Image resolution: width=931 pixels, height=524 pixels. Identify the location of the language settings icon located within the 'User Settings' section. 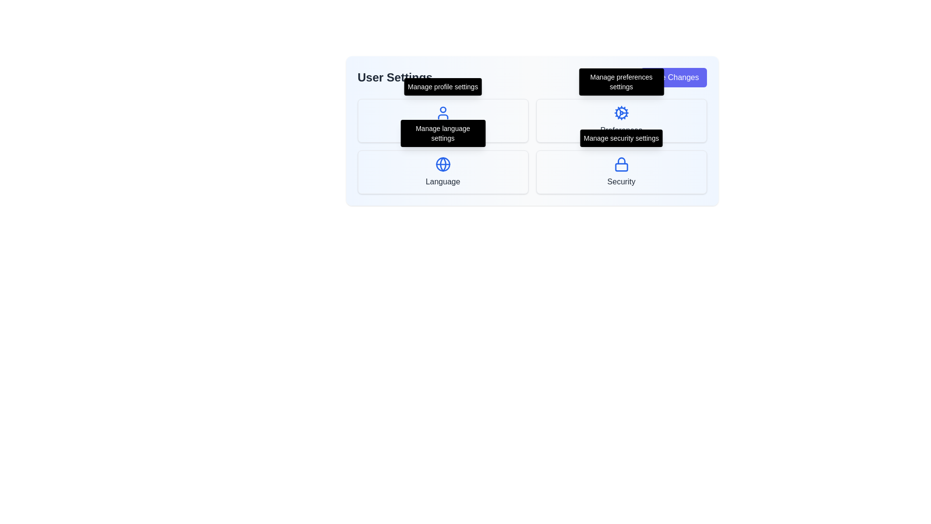
(442, 164).